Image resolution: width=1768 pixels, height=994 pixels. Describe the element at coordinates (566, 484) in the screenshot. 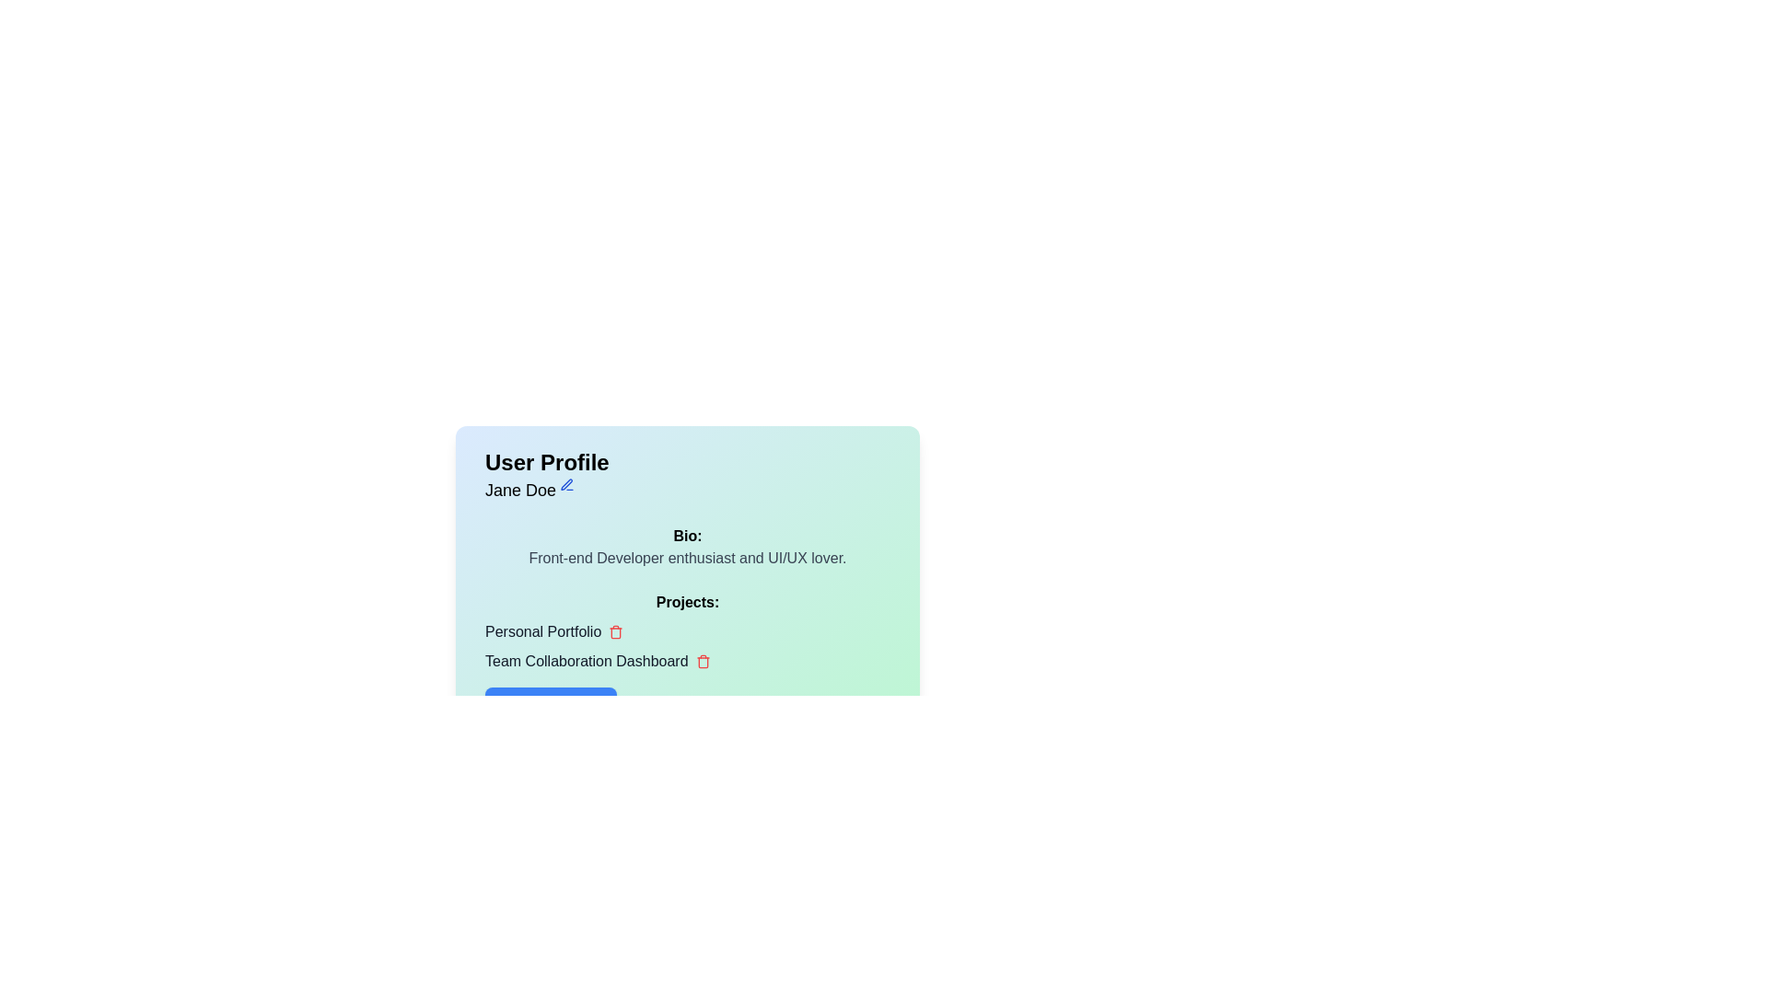

I see `the 'Edit' icon button located to the right of the text 'Jane Doe'` at that location.